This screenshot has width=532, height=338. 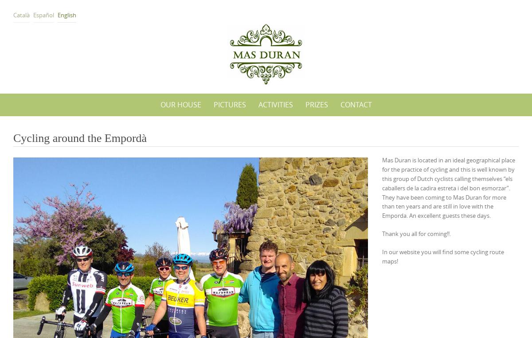 I want to click on 'Español', so click(x=43, y=14).